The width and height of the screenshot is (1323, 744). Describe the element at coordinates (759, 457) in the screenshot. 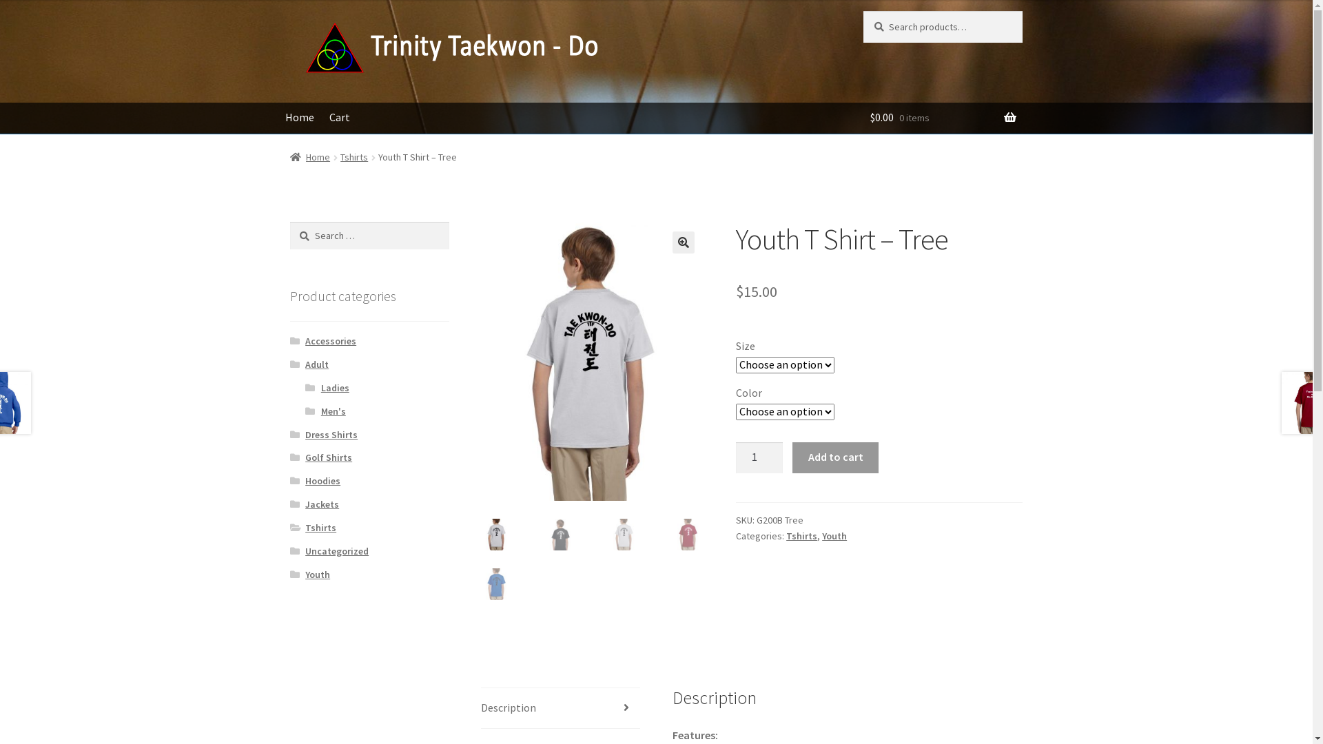

I see `'Qty'` at that location.